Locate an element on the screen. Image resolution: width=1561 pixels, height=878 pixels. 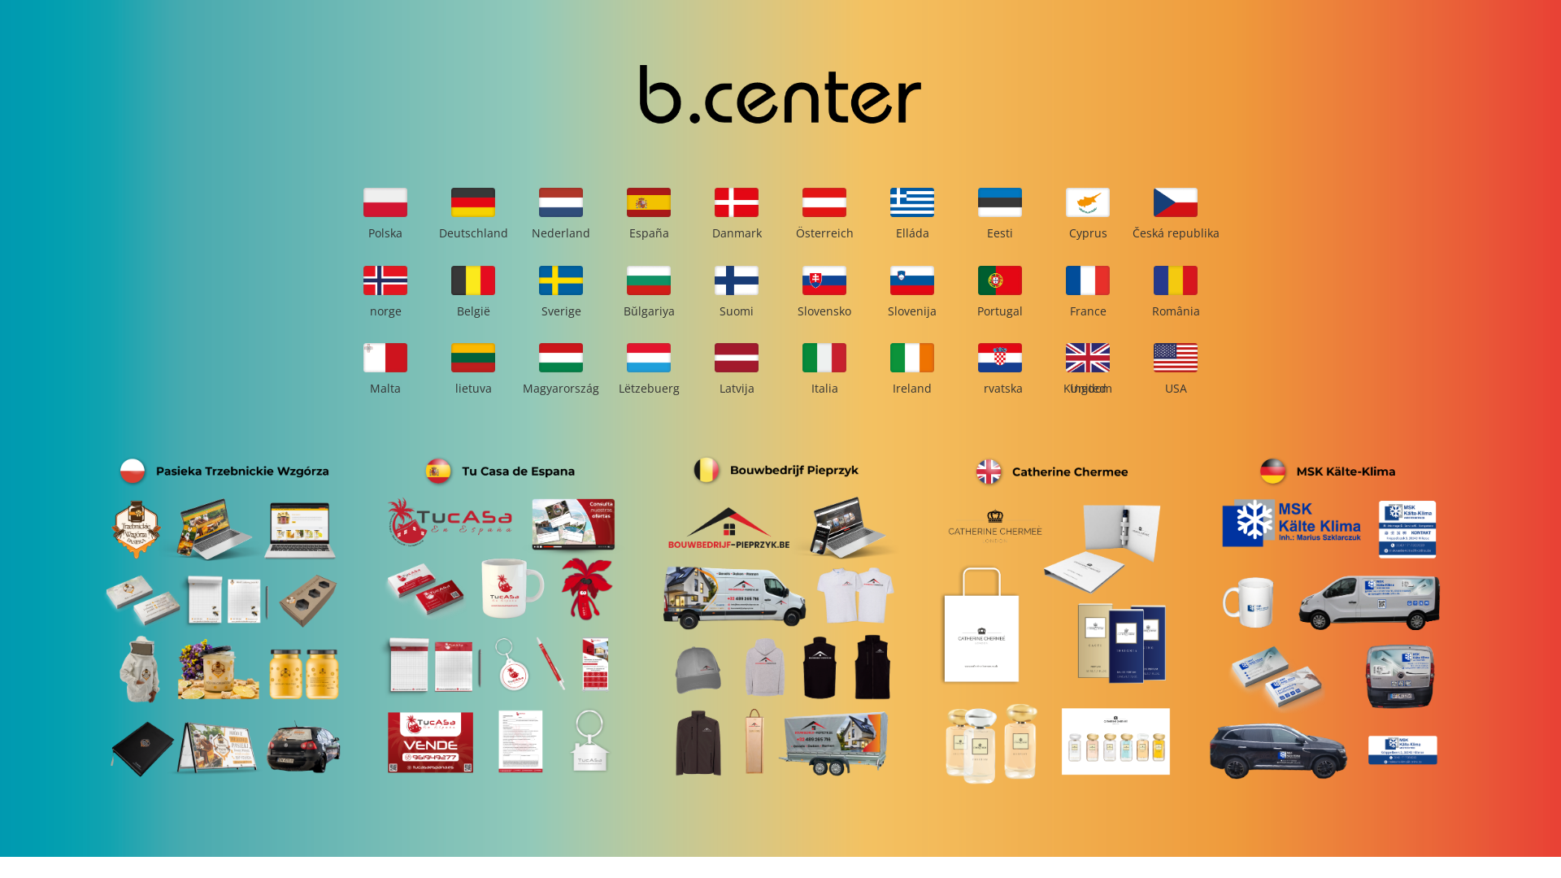
'Danmark' is located at coordinates (736, 233).